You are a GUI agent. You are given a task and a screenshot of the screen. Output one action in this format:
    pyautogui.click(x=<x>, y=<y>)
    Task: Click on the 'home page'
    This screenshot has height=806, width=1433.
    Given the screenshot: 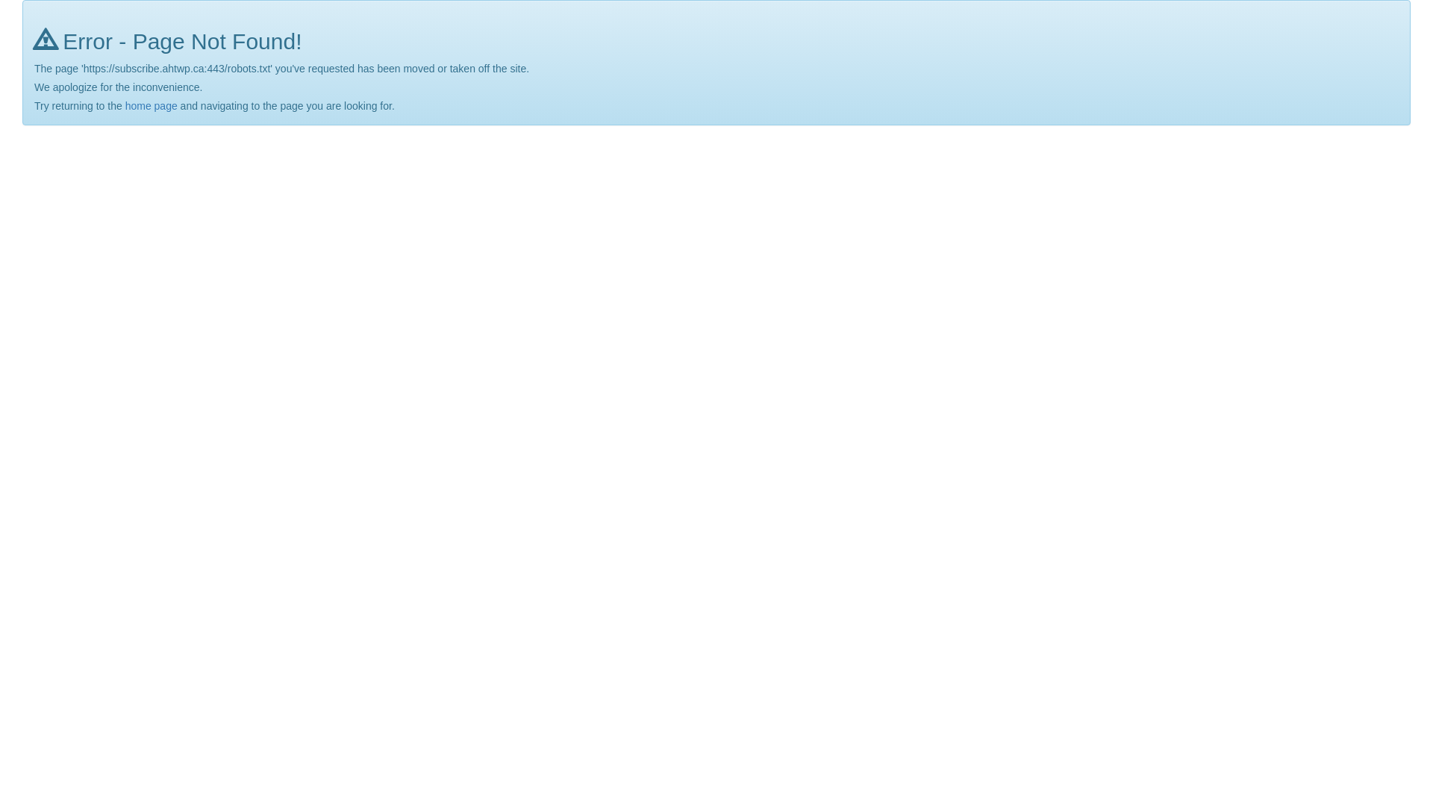 What is the action you would take?
    pyautogui.click(x=151, y=105)
    